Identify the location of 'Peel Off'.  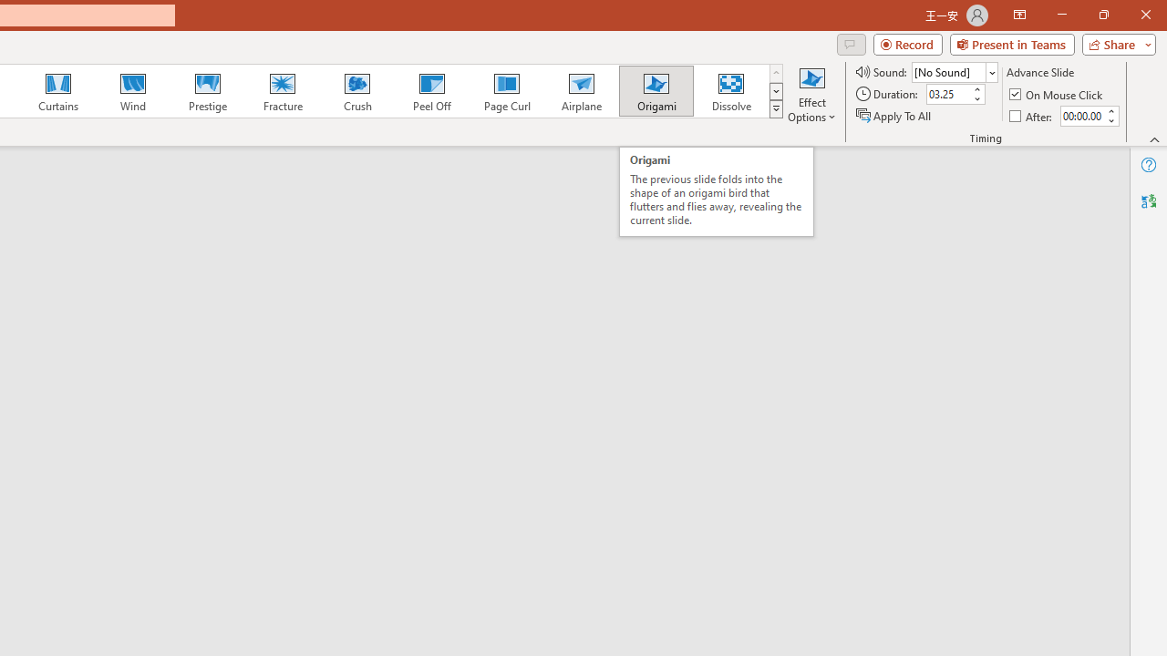
(430, 91).